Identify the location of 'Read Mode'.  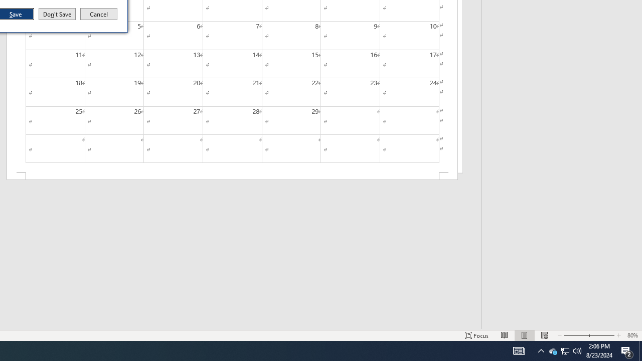
(505, 335).